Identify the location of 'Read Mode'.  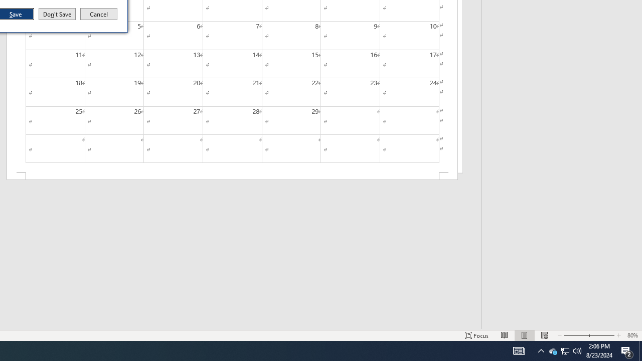
(505, 335).